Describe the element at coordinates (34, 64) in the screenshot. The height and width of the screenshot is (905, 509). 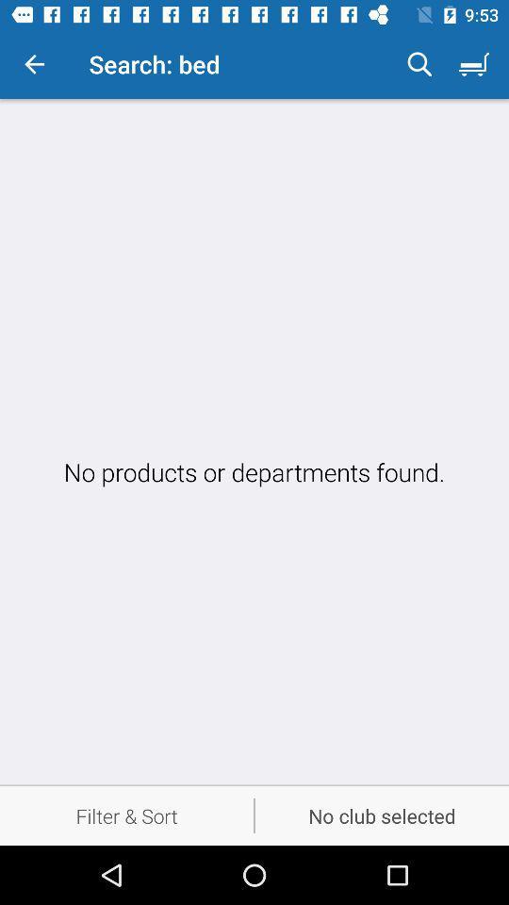
I see `the item to the left of search: bed icon` at that location.